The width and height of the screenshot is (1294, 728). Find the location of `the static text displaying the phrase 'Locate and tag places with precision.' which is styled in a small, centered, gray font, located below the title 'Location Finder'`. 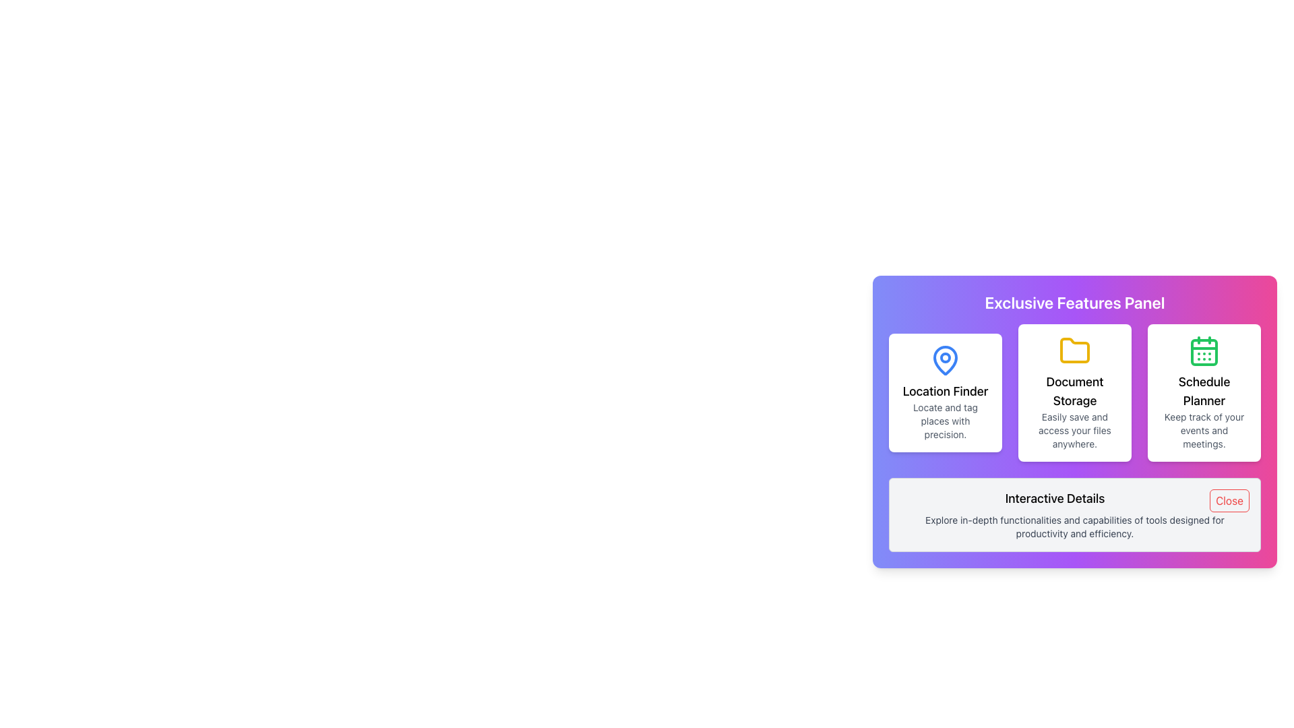

the static text displaying the phrase 'Locate and tag places with precision.' which is styled in a small, centered, gray font, located below the title 'Location Finder' is located at coordinates (944, 420).